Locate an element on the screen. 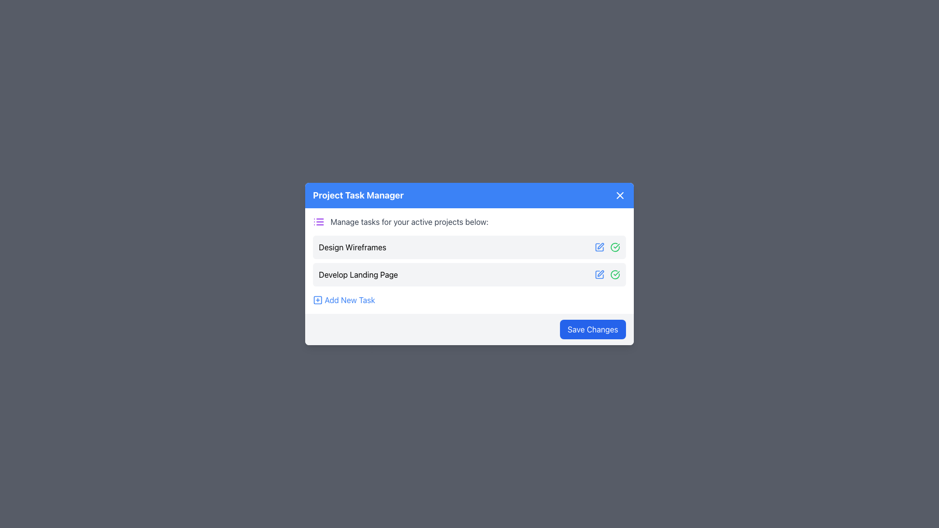 This screenshot has height=528, width=939. the save button located at the bottom-right corner of the dialog box is located at coordinates (592, 330).